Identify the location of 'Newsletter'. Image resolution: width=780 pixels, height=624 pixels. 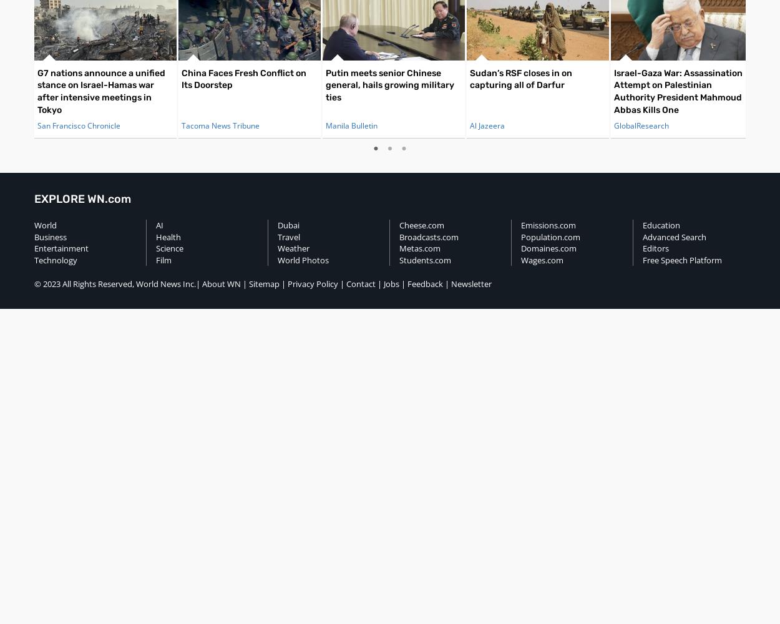
(471, 283).